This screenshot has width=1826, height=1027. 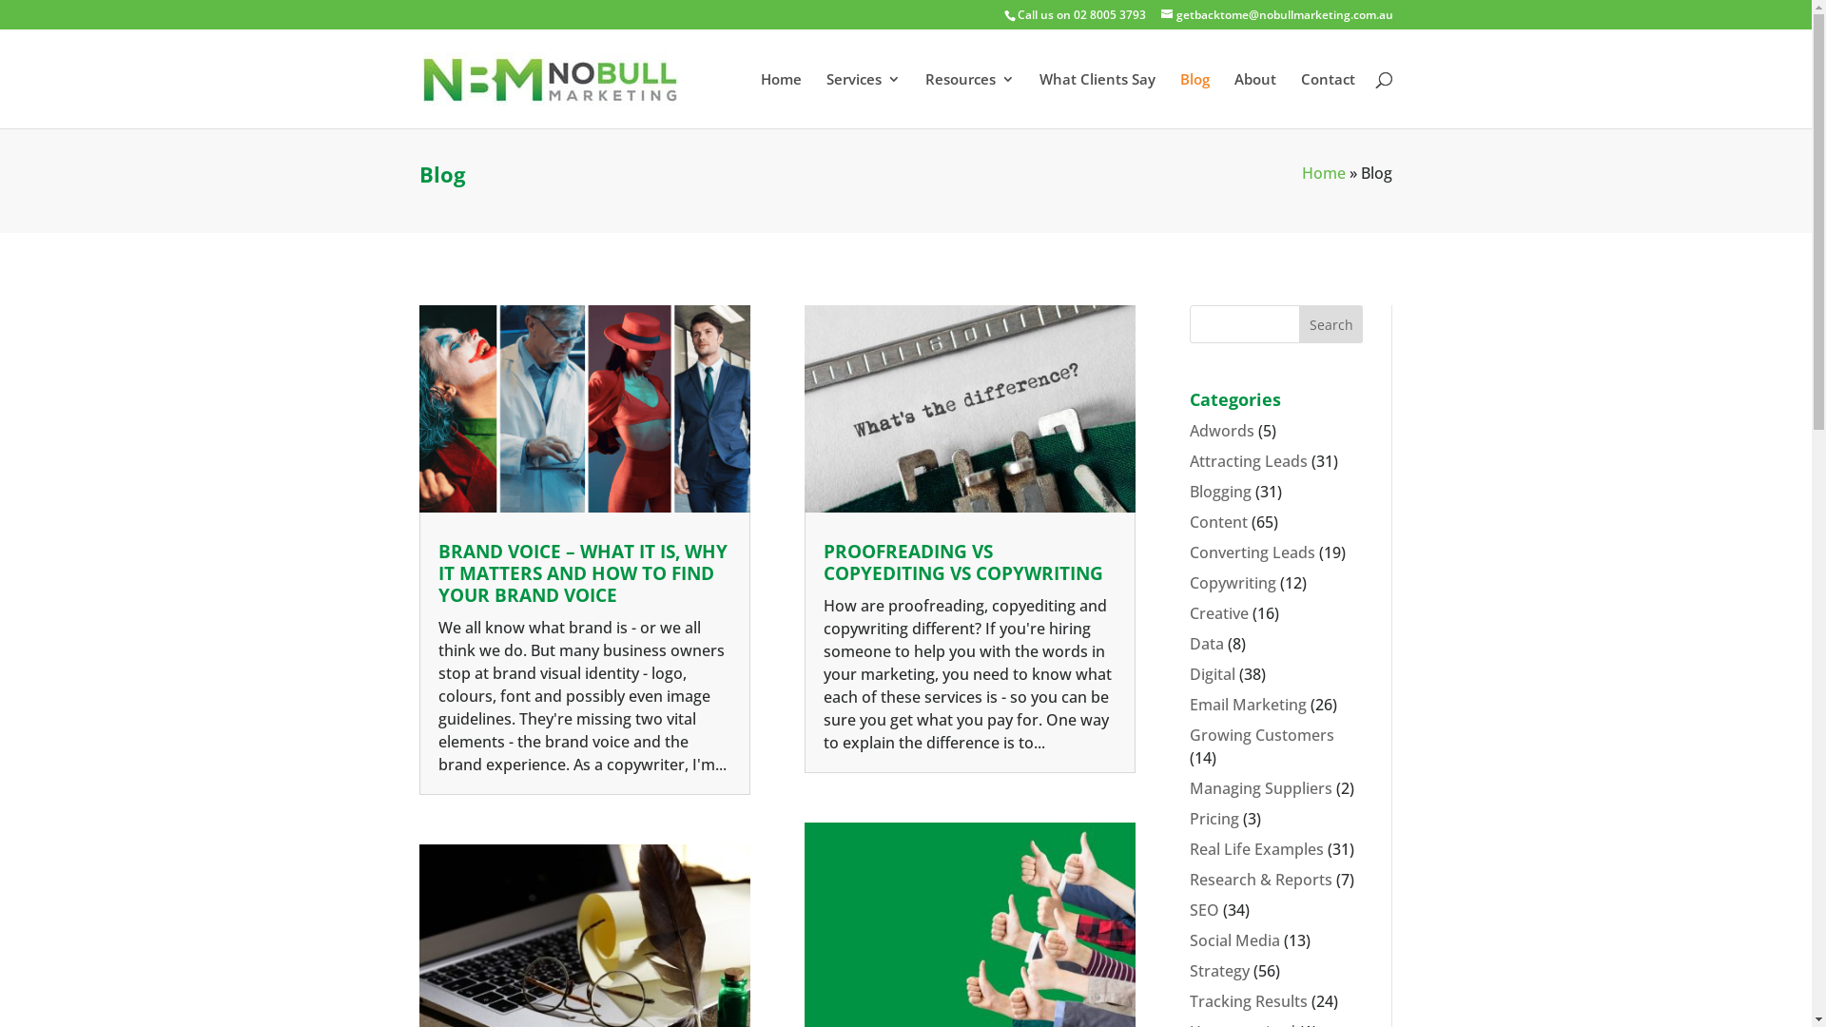 I want to click on 'Services', so click(x=862, y=100).